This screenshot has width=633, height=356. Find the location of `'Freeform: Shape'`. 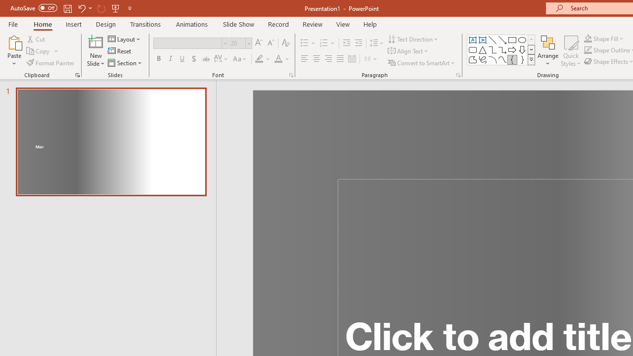

'Freeform: Shape' is located at coordinates (472, 59).